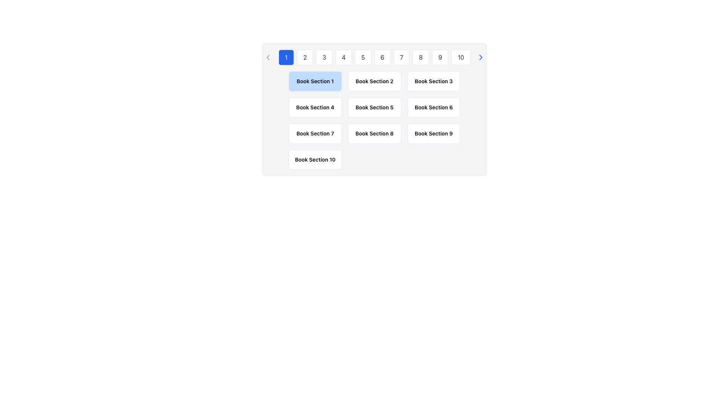 The width and height of the screenshot is (718, 403). What do you see at coordinates (440, 57) in the screenshot?
I see `the button labeled '9', which is styled with rounded corners and a white background, to receive visual feedback` at bounding box center [440, 57].